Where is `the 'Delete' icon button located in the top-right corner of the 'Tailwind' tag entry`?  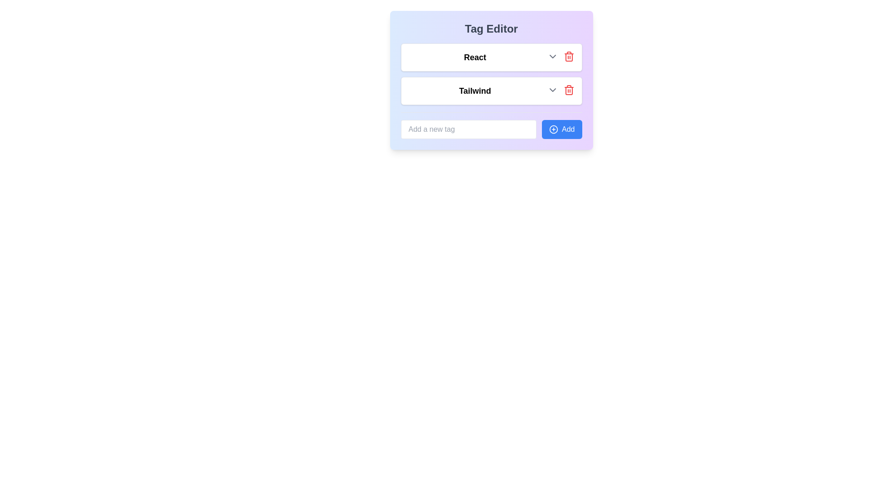
the 'Delete' icon button located in the top-right corner of the 'Tailwind' tag entry is located at coordinates (568, 91).